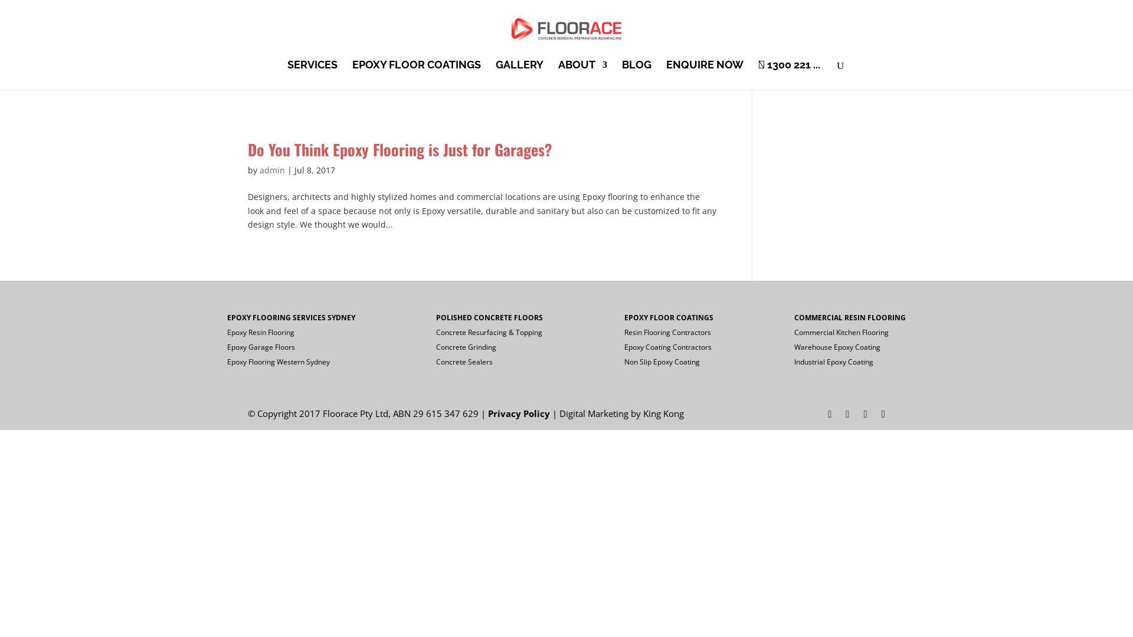 Image resolution: width=1133 pixels, height=637 pixels. Describe the element at coordinates (582, 75) in the screenshot. I see `'ABOUT'` at that location.